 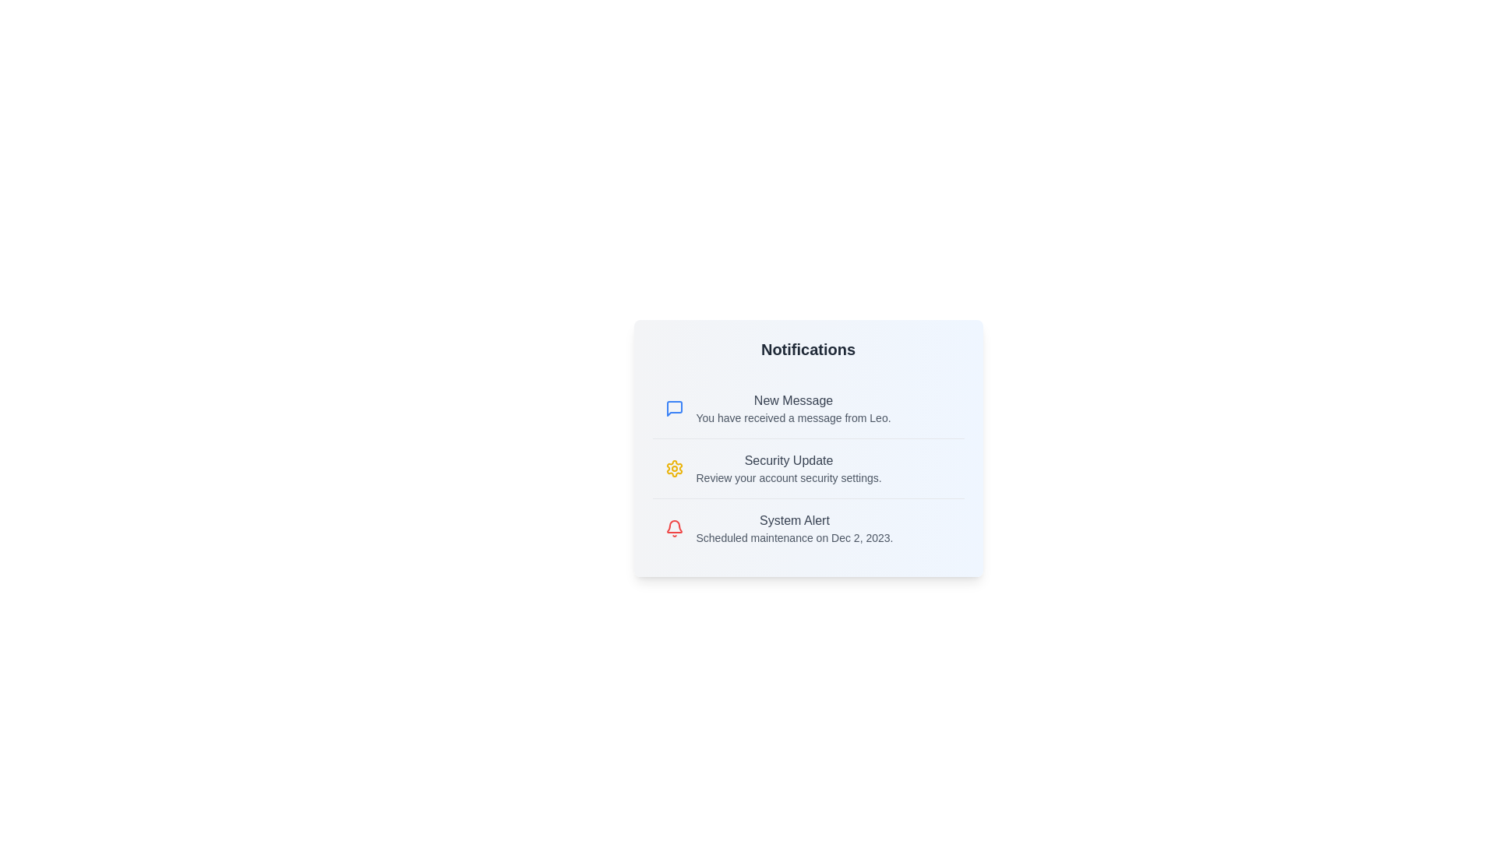 I want to click on the notification icon corresponding to Security Update, so click(x=674, y=467).